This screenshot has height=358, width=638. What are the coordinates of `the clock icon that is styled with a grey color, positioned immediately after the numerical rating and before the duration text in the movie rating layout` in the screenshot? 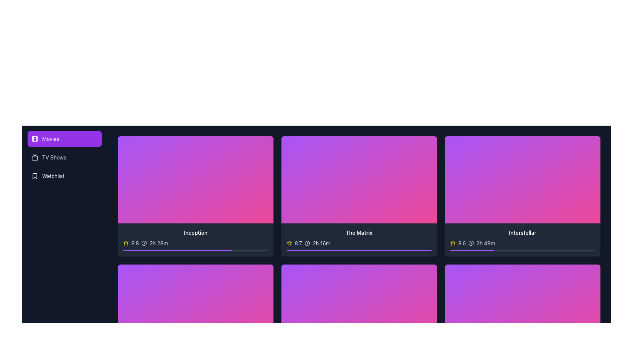 It's located at (144, 243).